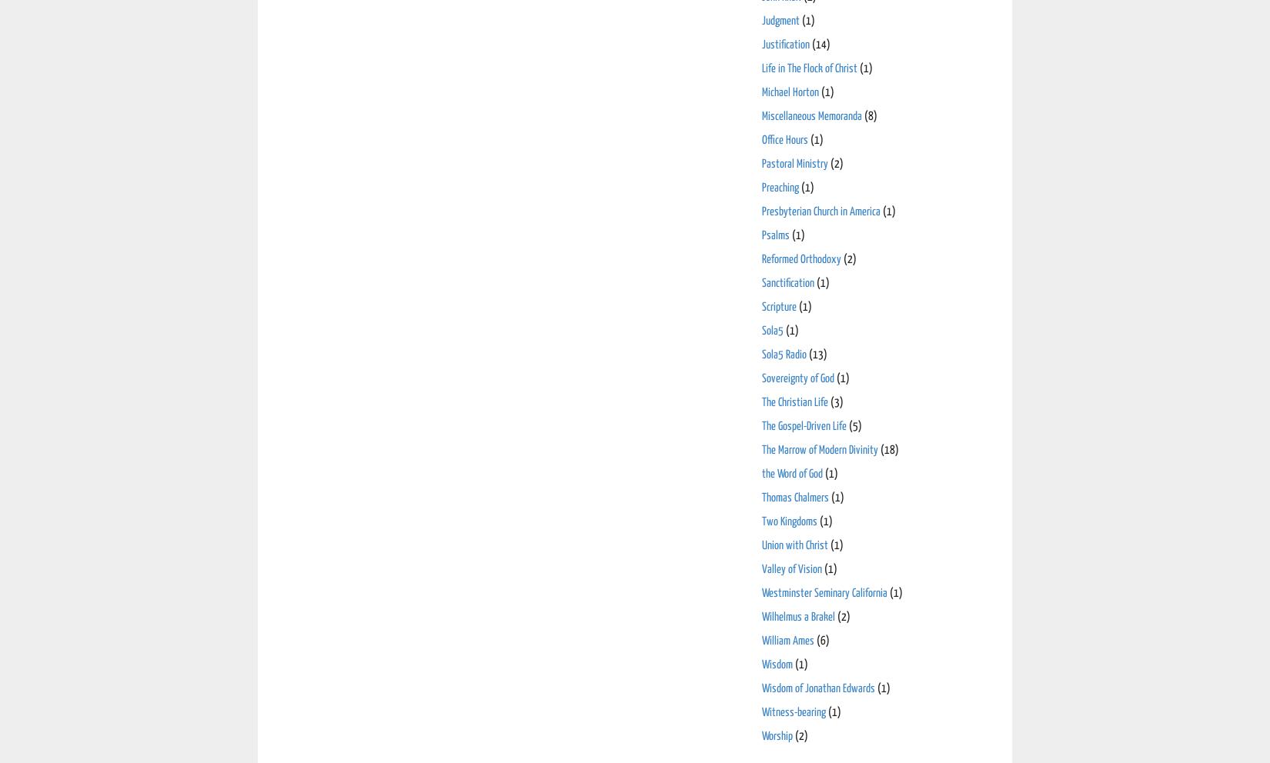 The height and width of the screenshot is (763, 1270). Describe the element at coordinates (794, 711) in the screenshot. I see `'Witness-bearing'` at that location.